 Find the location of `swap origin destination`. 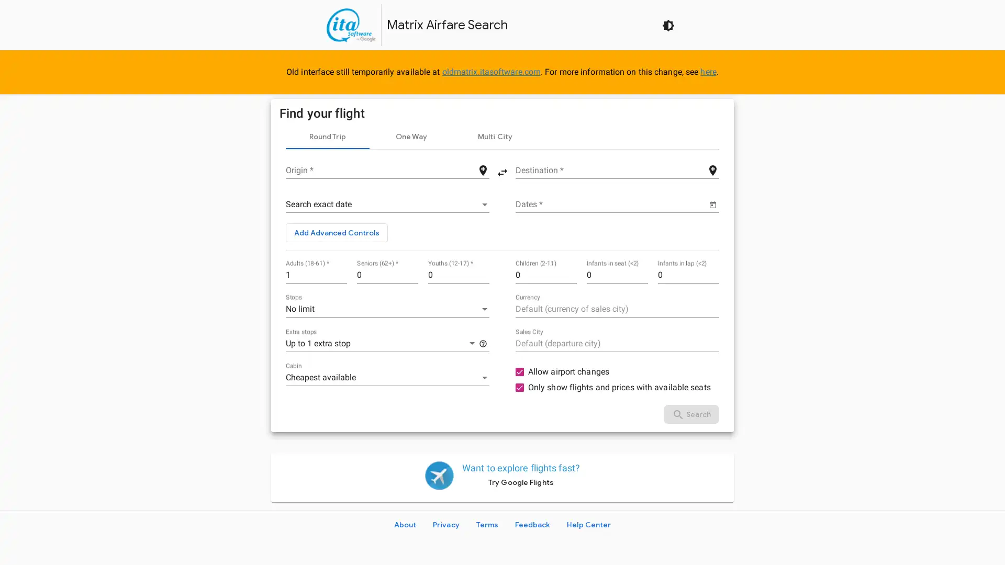

swap origin destination is located at coordinates (502, 171).